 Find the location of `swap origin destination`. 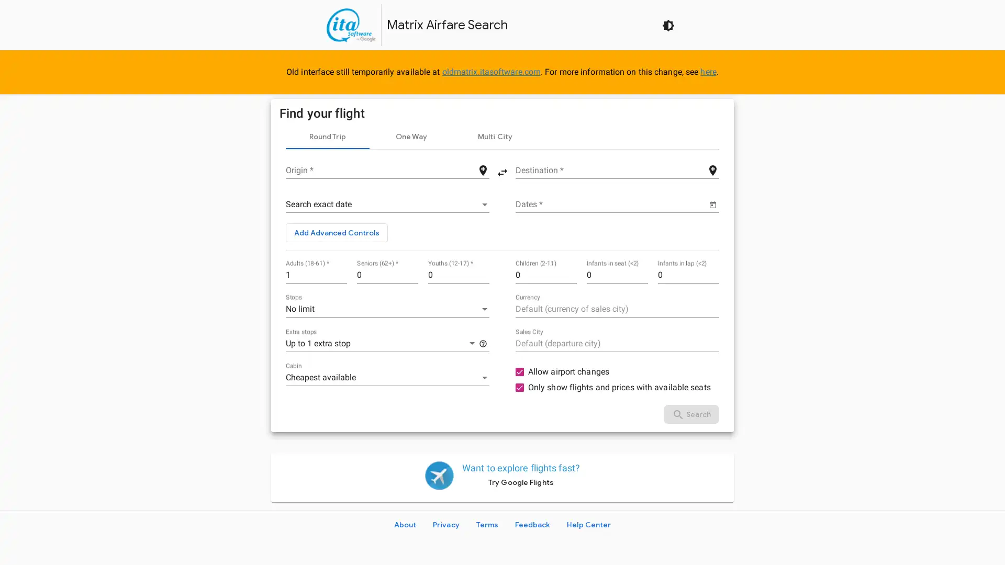

swap origin destination is located at coordinates (502, 171).